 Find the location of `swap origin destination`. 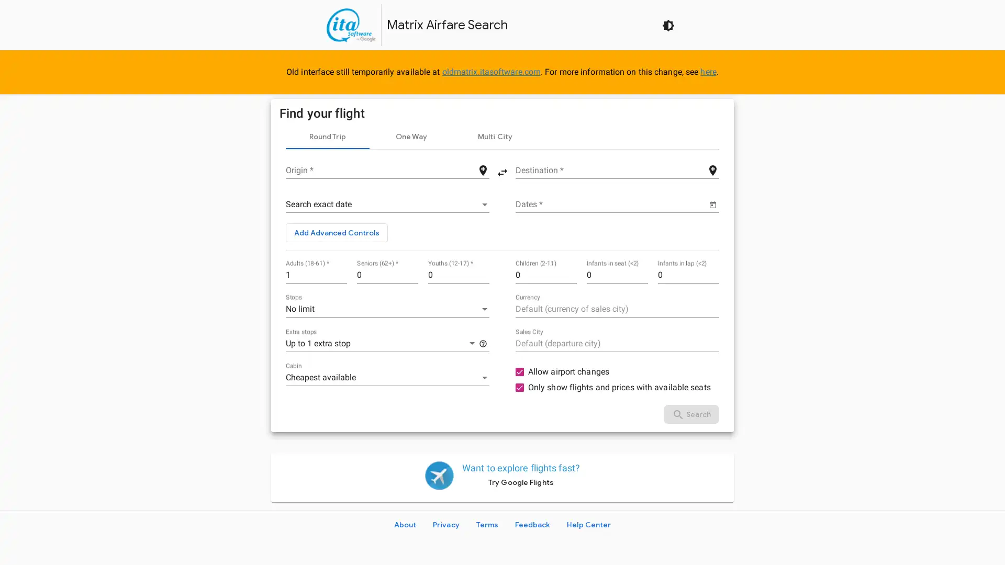

swap origin destination is located at coordinates (502, 171).